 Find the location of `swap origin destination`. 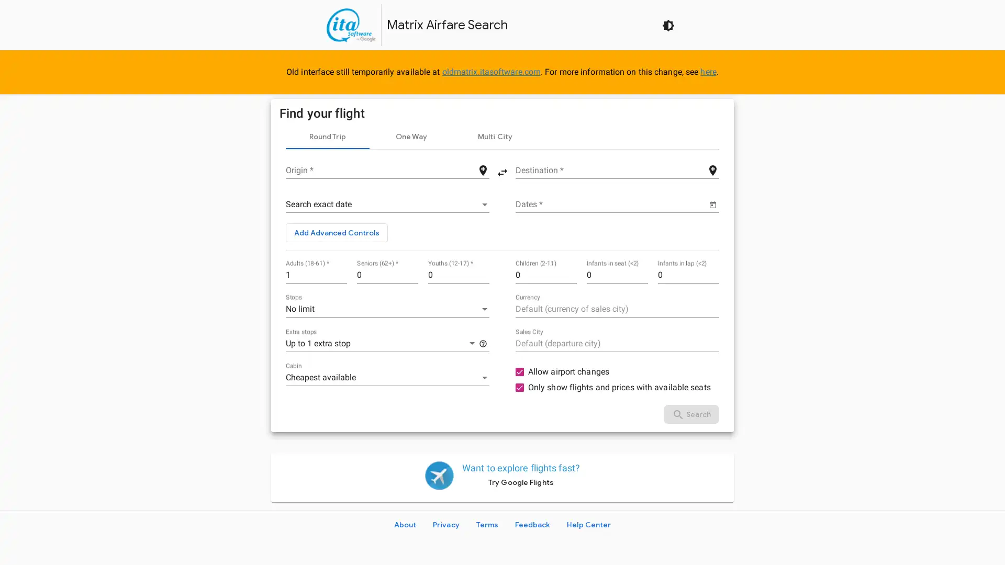

swap origin destination is located at coordinates (502, 171).